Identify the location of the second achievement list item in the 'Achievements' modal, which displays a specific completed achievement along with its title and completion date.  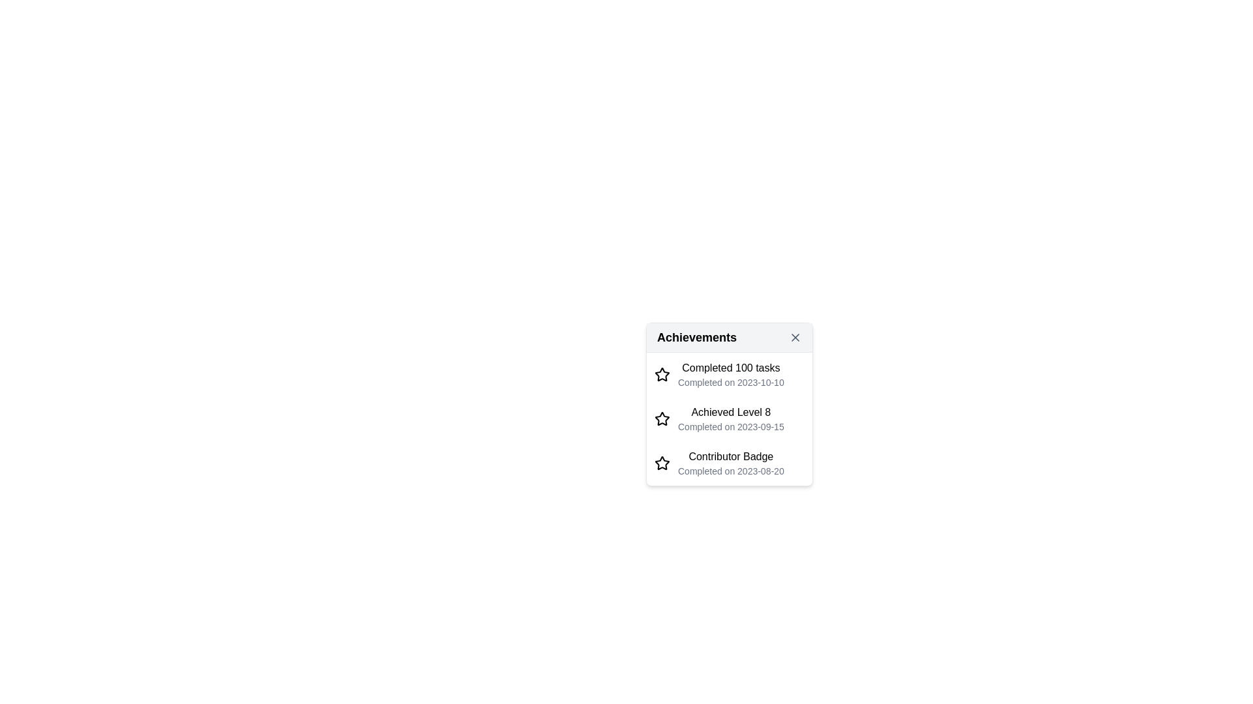
(729, 418).